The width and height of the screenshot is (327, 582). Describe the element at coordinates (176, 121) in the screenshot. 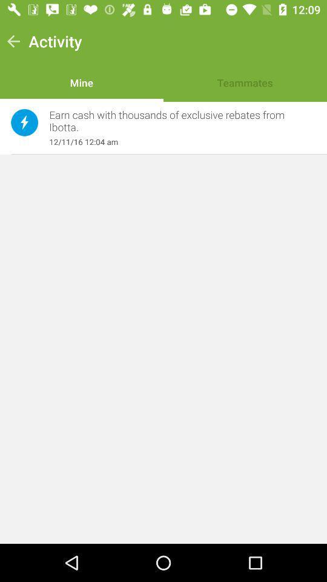

I see `earn cash with item` at that location.